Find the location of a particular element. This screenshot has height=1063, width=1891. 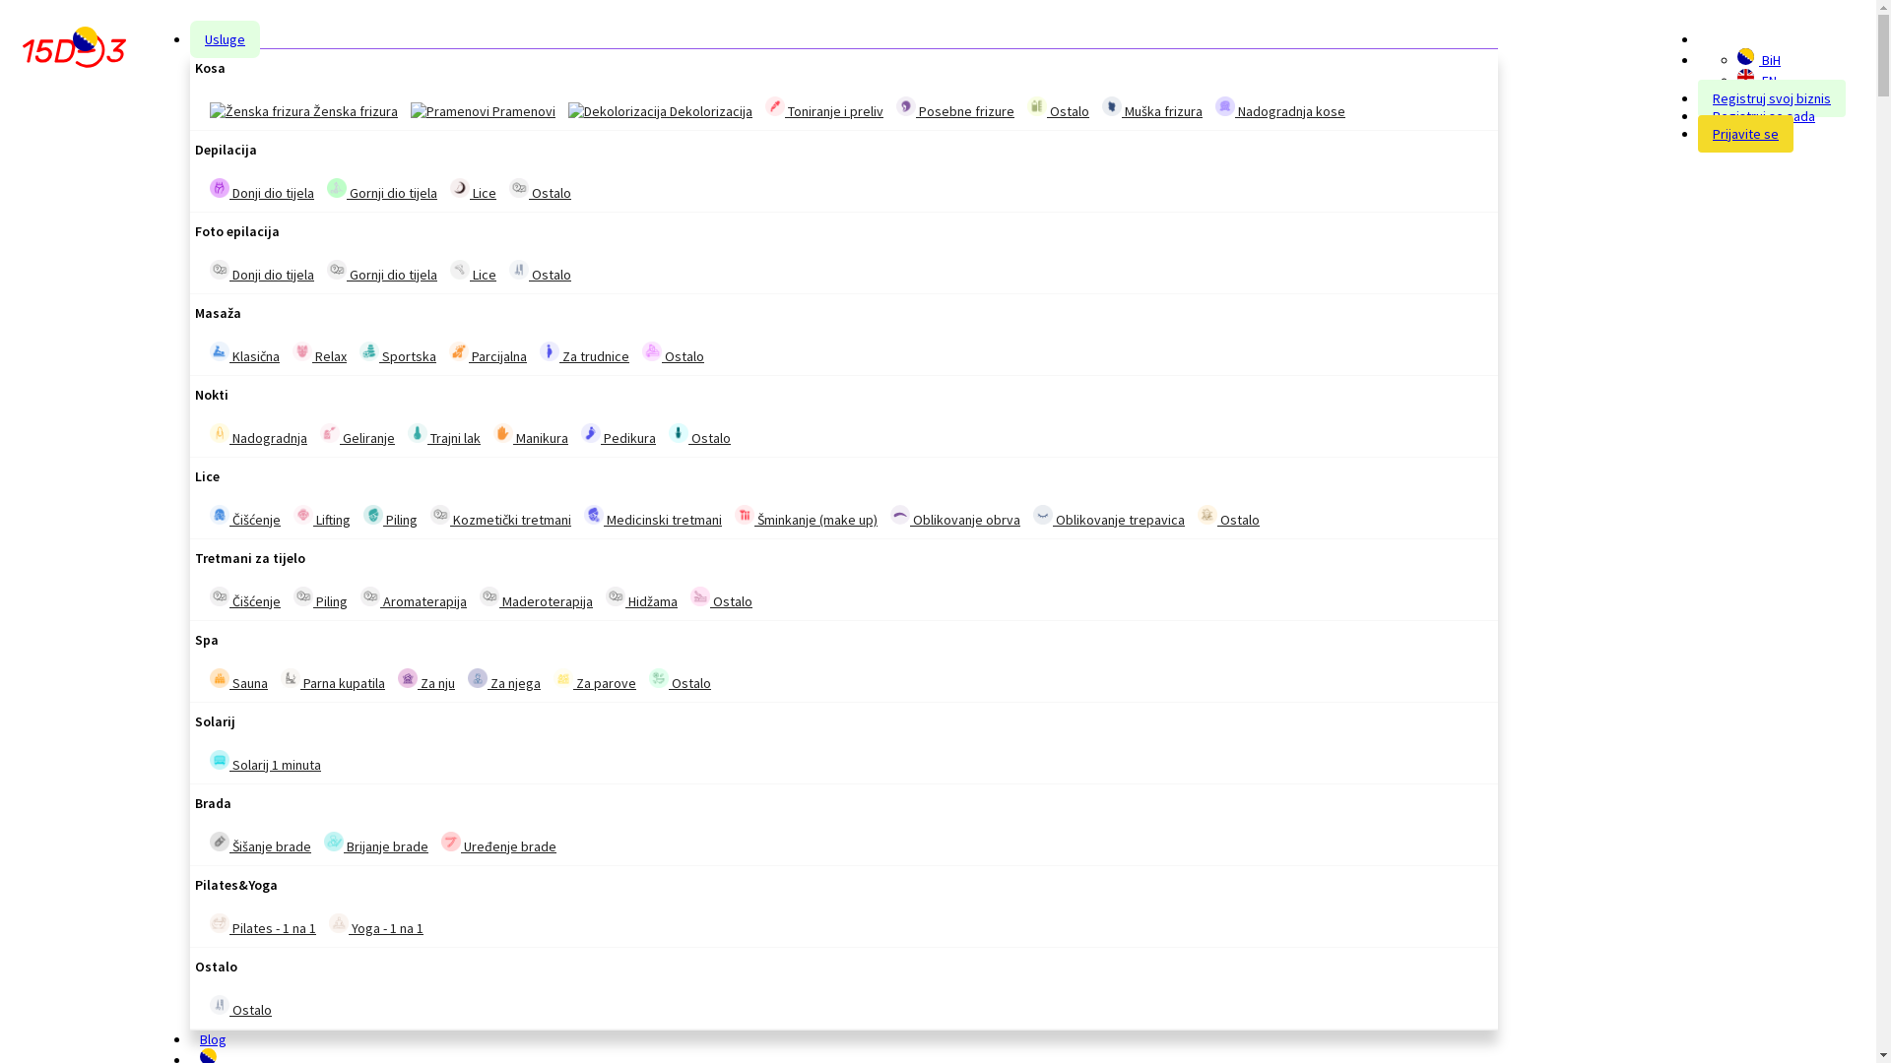

'Yoga - 1 na 1' is located at coordinates (329, 922).